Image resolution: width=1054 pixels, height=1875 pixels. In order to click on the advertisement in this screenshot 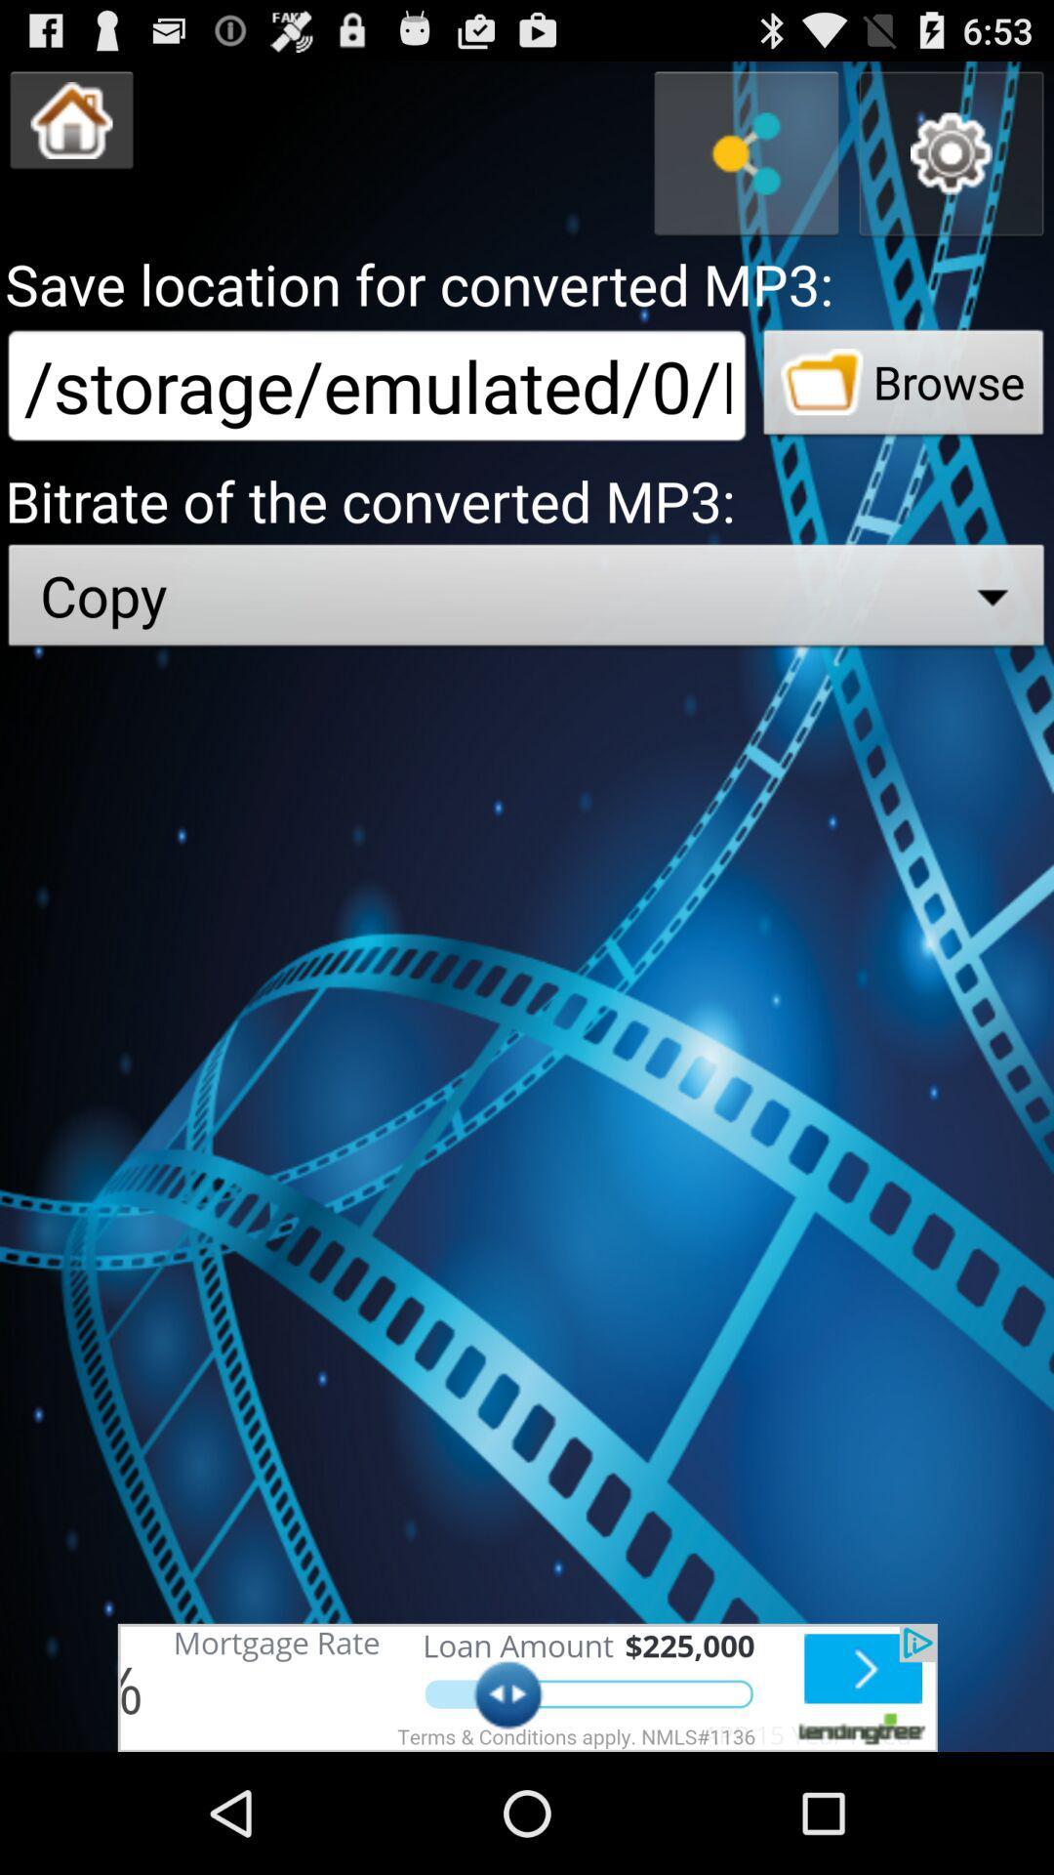, I will do `click(527, 1687)`.